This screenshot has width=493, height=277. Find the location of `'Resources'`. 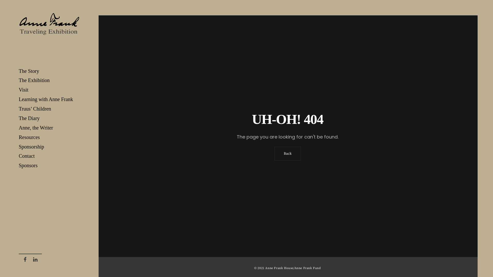

'Resources' is located at coordinates (49, 137).